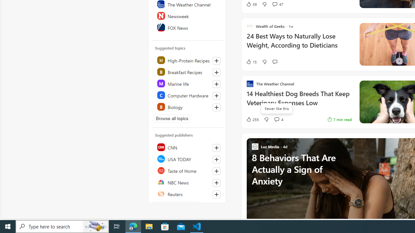 The image size is (415, 233). Describe the element at coordinates (172, 118) in the screenshot. I see `'Browse all topics'` at that location.